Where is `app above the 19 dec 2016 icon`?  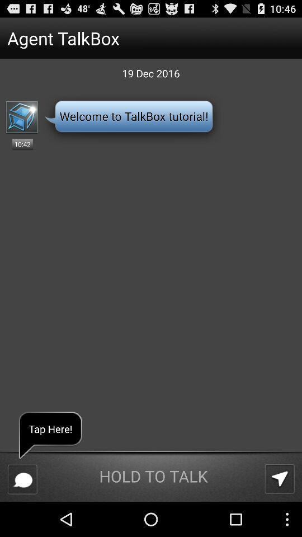
app above the 19 dec 2016 icon is located at coordinates (130, 38).